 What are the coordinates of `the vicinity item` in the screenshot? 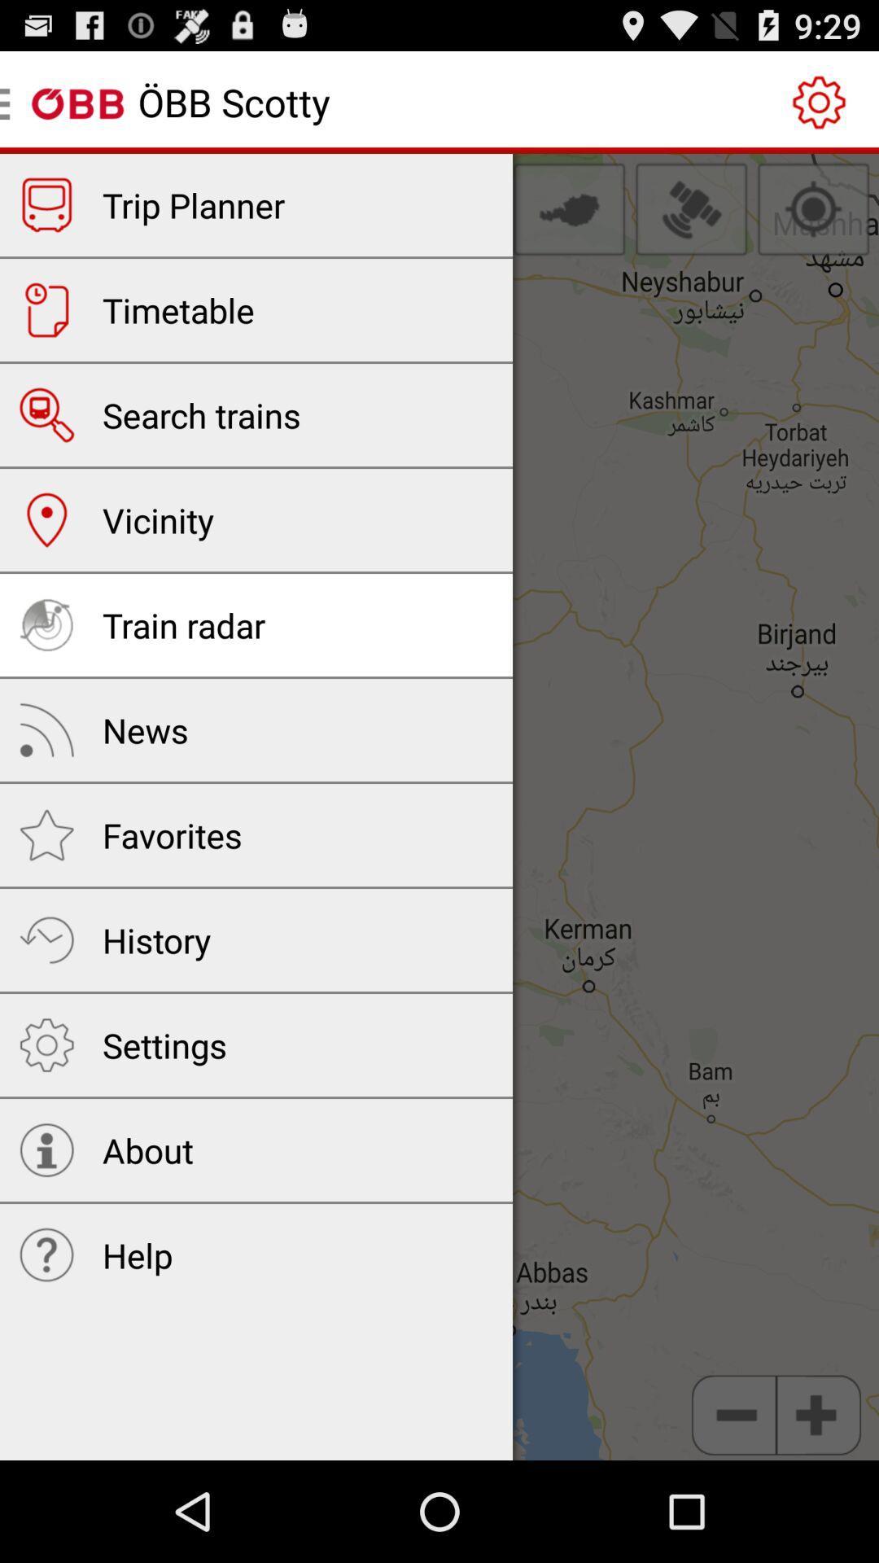 It's located at (158, 519).